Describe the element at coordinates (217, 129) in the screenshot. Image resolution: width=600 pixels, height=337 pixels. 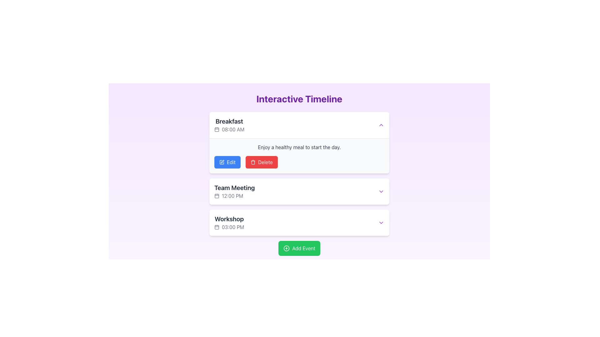
I see `the calendar icon representing the '08:00 AM' event in the 'Breakfast' card at the top of the timeline` at that location.